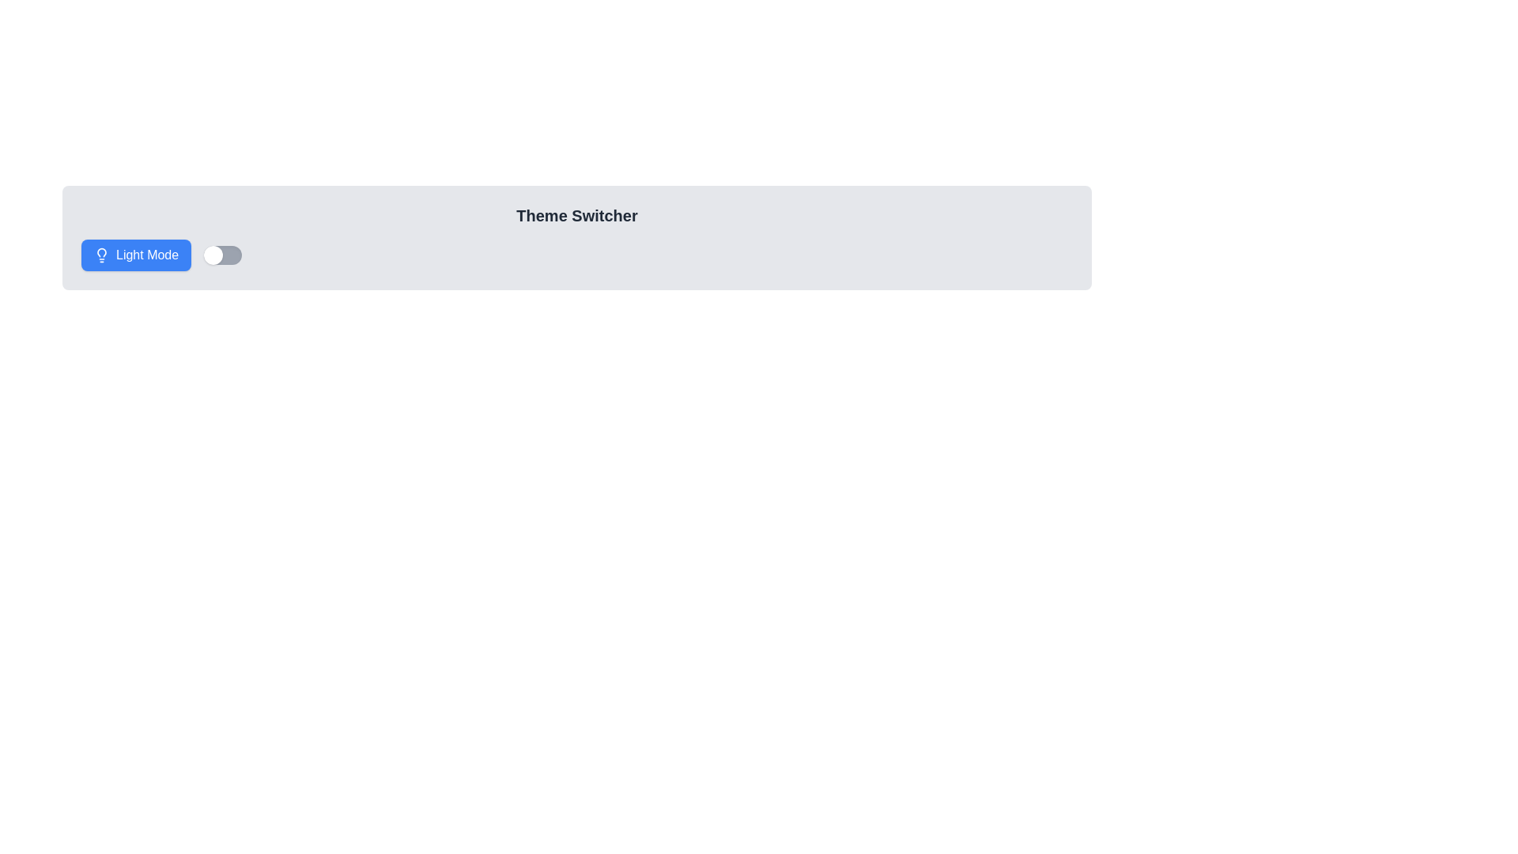  What do you see at coordinates (222, 255) in the screenshot?
I see `the toggle switch located to the right of the 'Light Mode' button in the top-left section of the interface` at bounding box center [222, 255].